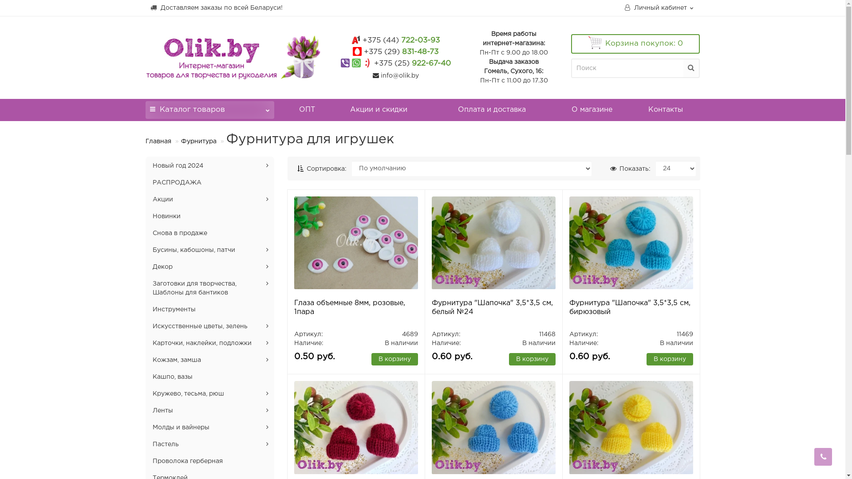  I want to click on '+375 (44) 722-03-93', so click(400, 40).